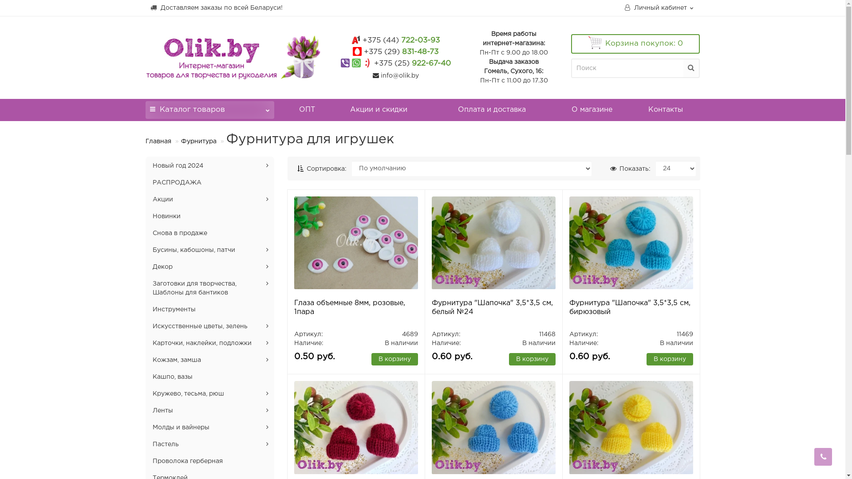  I want to click on '+375 (44) 722-03-93', so click(400, 40).